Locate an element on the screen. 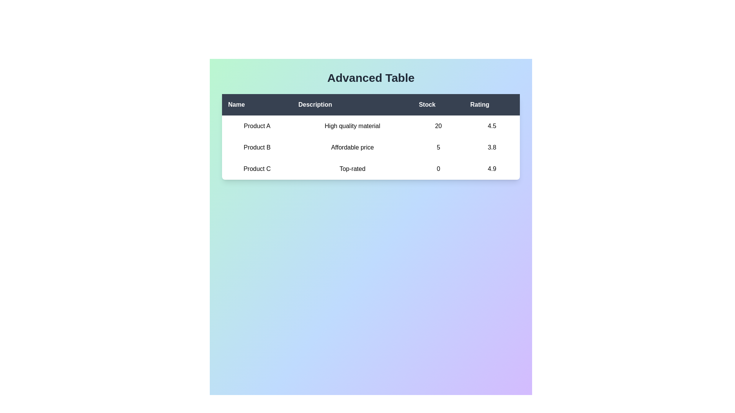 This screenshot has height=413, width=735. the third row in the data table displaying details about 'Product C', which includes the product name, description, stock value, and rating is located at coordinates (371, 169).